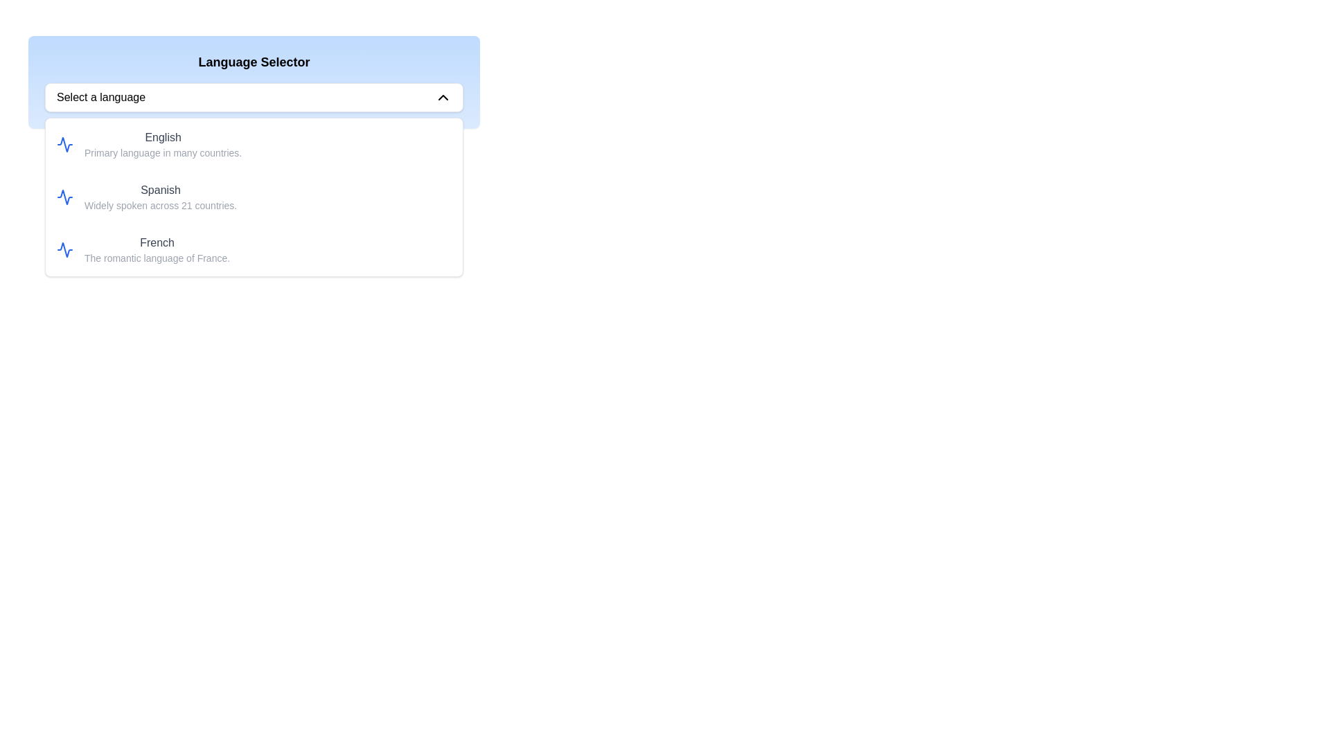 This screenshot has height=748, width=1330. I want to click on the Dropdown menu button located in the 'Language Selector' section, so click(254, 97).